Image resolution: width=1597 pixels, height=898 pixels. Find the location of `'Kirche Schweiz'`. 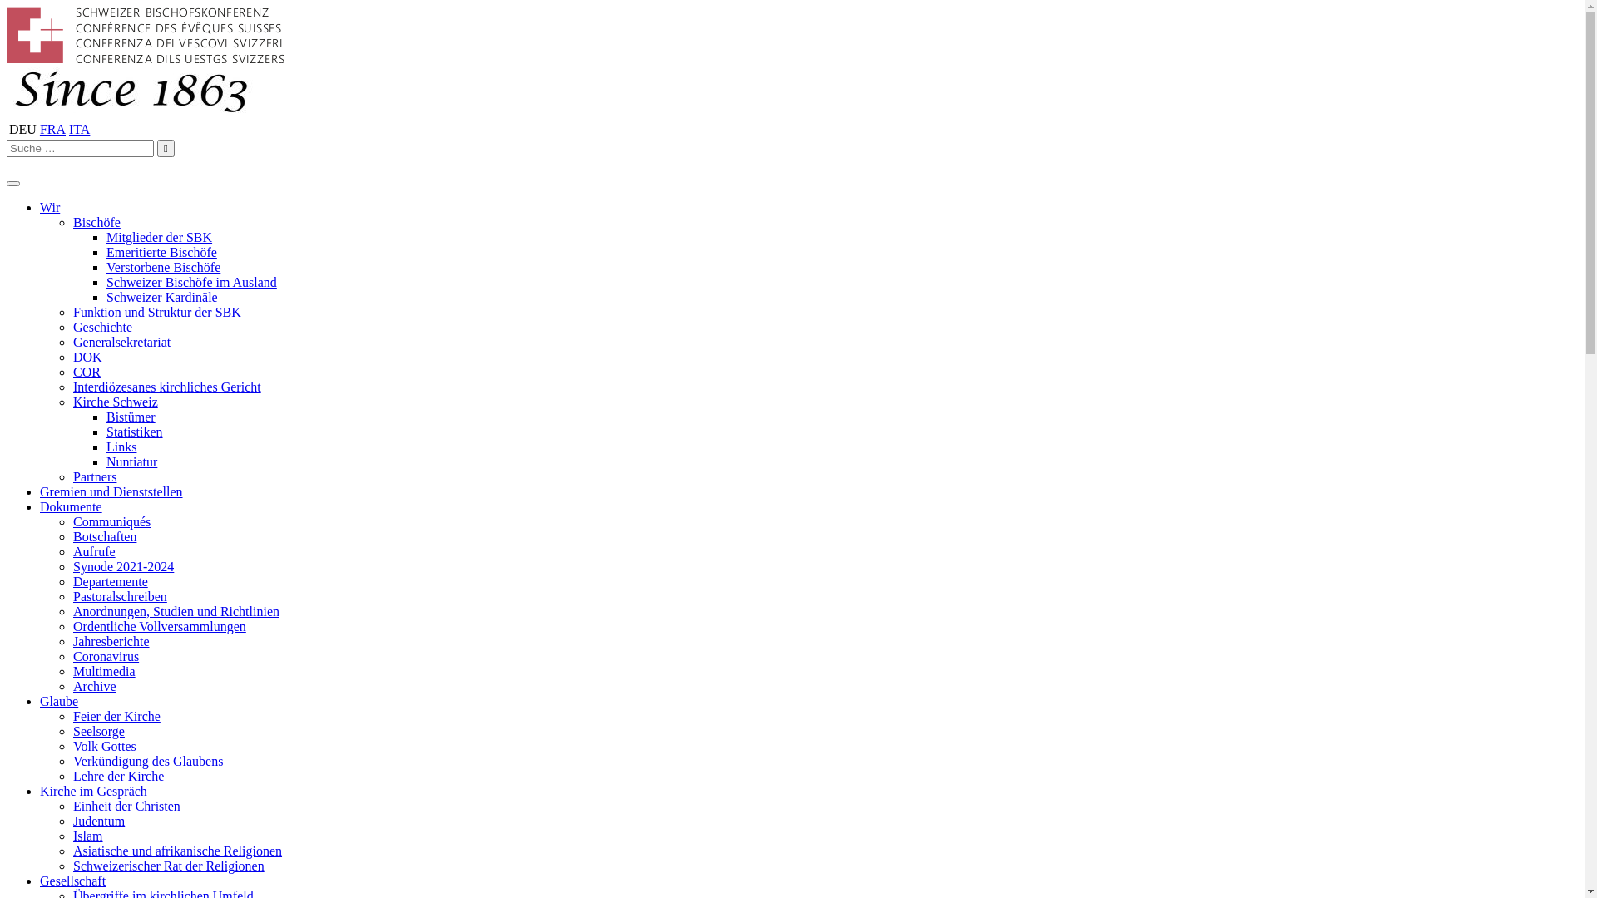

'Kirche Schweiz' is located at coordinates (115, 402).